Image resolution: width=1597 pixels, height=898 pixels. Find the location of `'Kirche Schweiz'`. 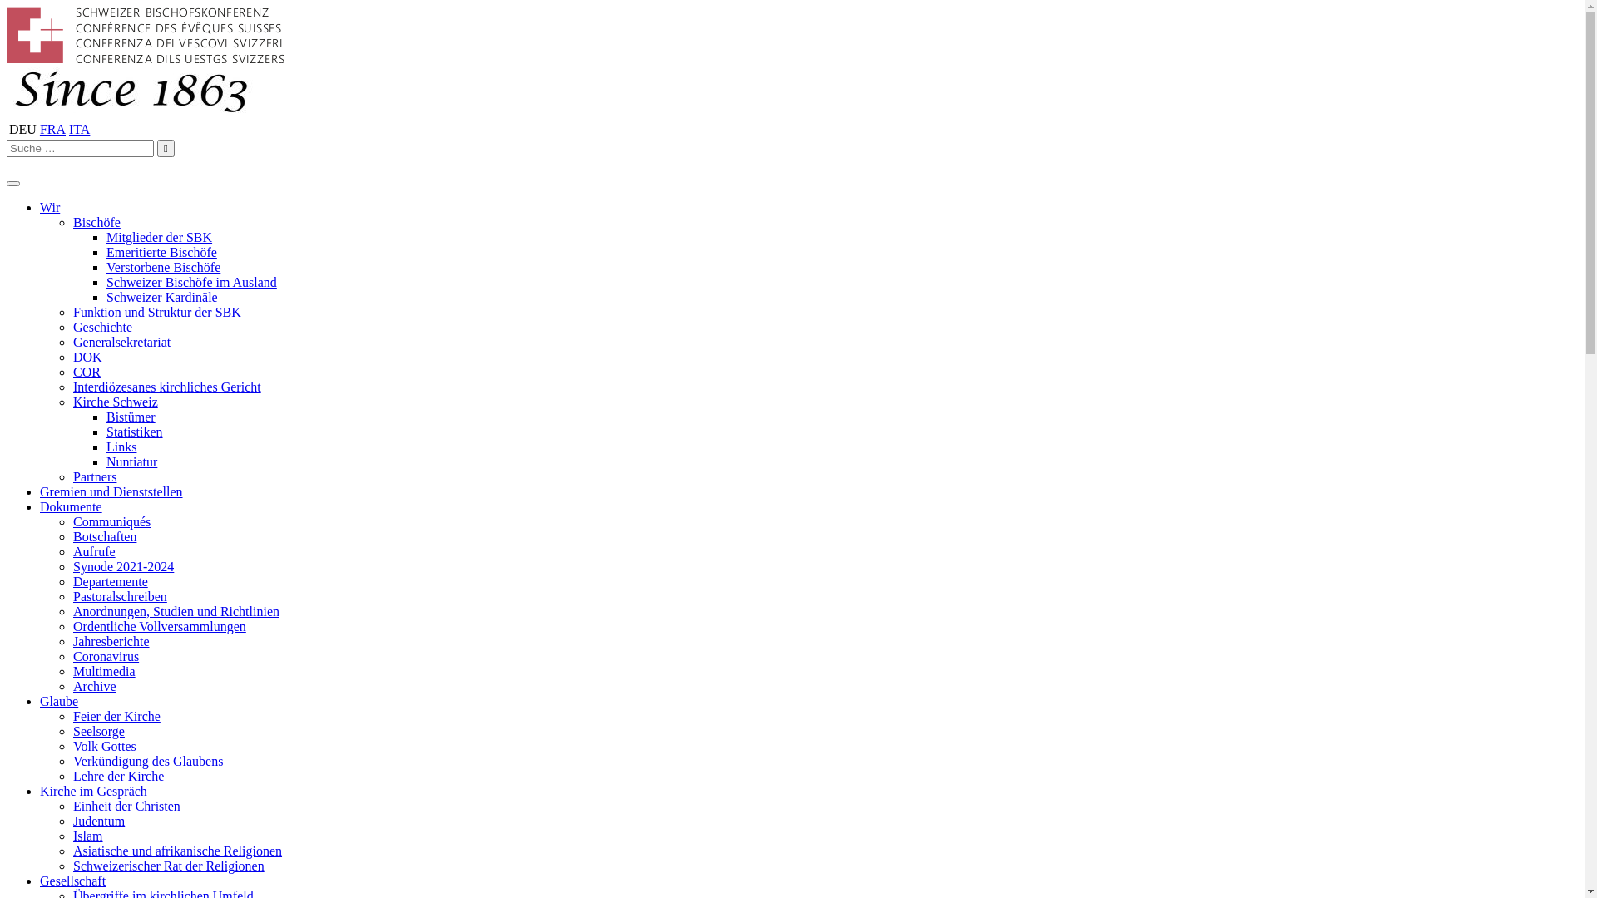

'Kirche Schweiz' is located at coordinates (115, 402).